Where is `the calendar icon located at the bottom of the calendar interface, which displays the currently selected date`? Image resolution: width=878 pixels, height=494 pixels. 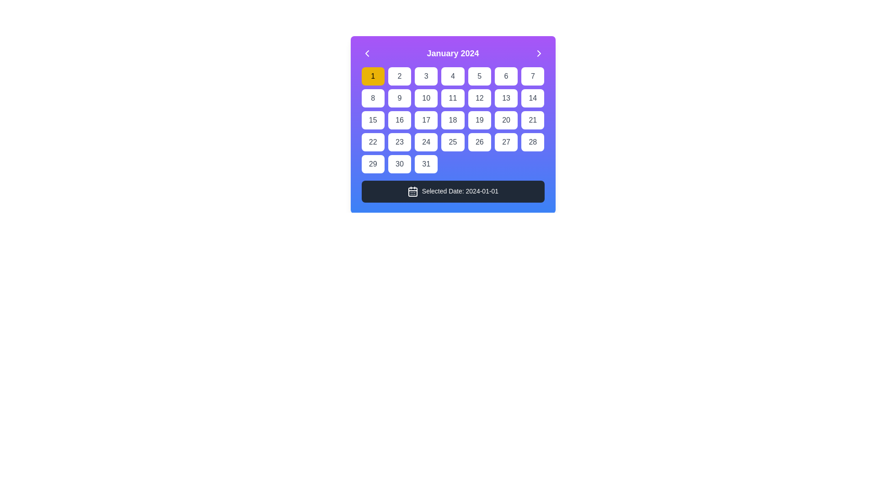
the calendar icon located at the bottom of the calendar interface, which displays the currently selected date is located at coordinates (453, 191).